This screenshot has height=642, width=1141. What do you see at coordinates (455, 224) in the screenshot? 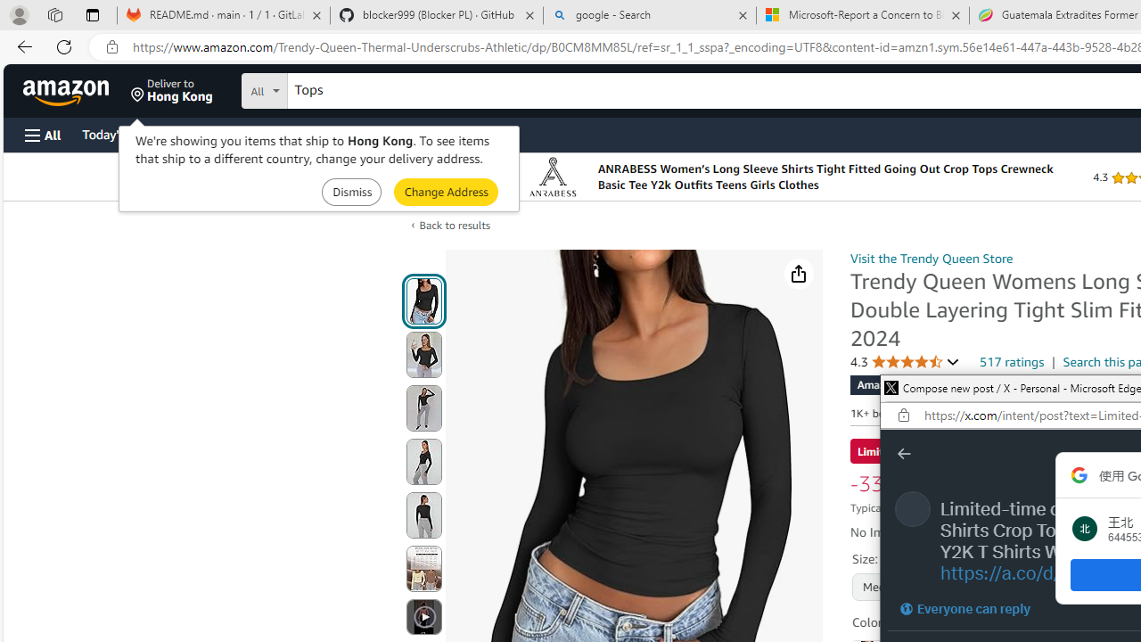
I see `'Back to results'` at bounding box center [455, 224].